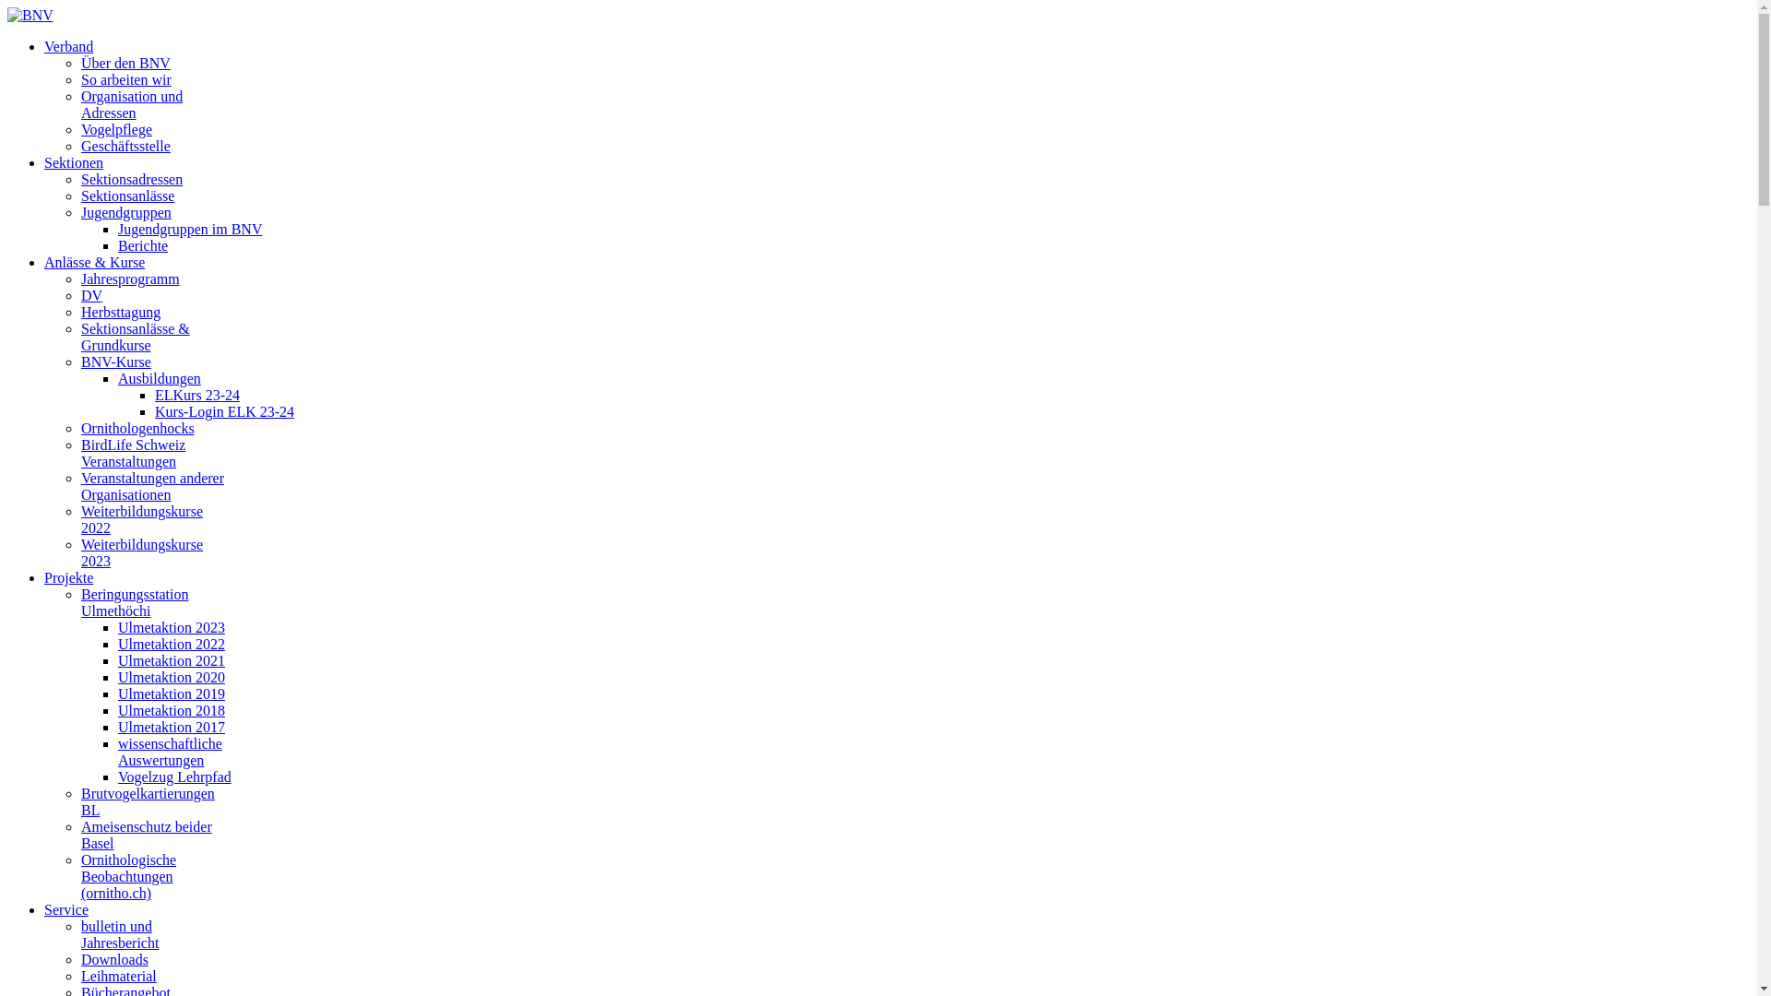  I want to click on 'Kurs-Login ELK 23-24', so click(155, 410).